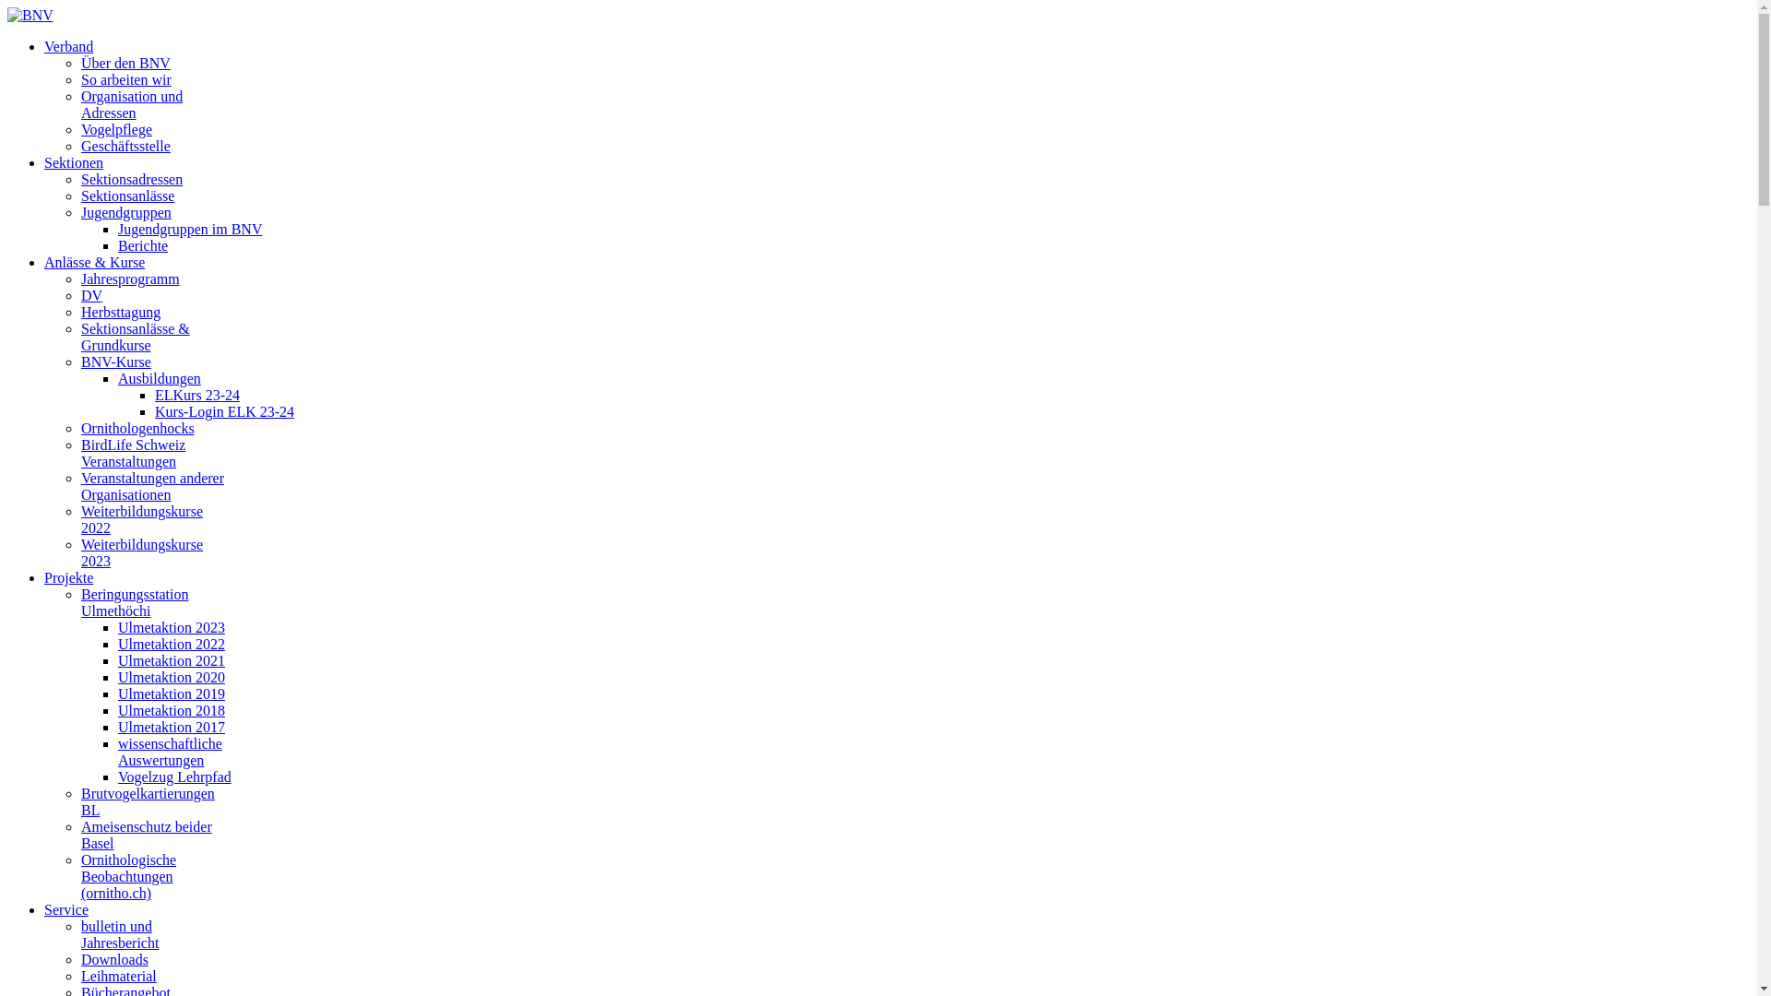  I want to click on 'Kurs-Login ELK 23-24', so click(155, 410).